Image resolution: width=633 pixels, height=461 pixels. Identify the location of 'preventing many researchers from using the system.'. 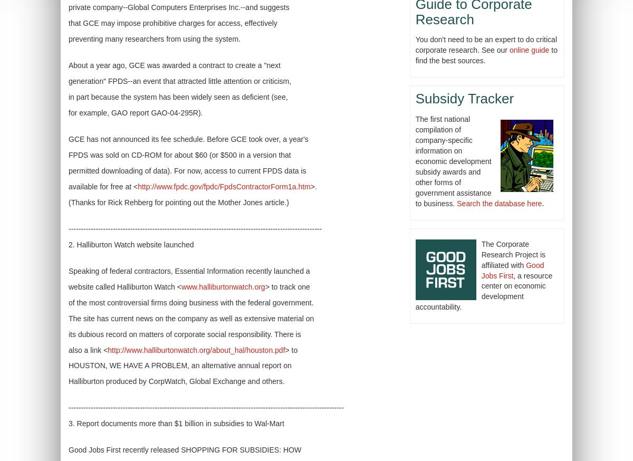
(154, 37).